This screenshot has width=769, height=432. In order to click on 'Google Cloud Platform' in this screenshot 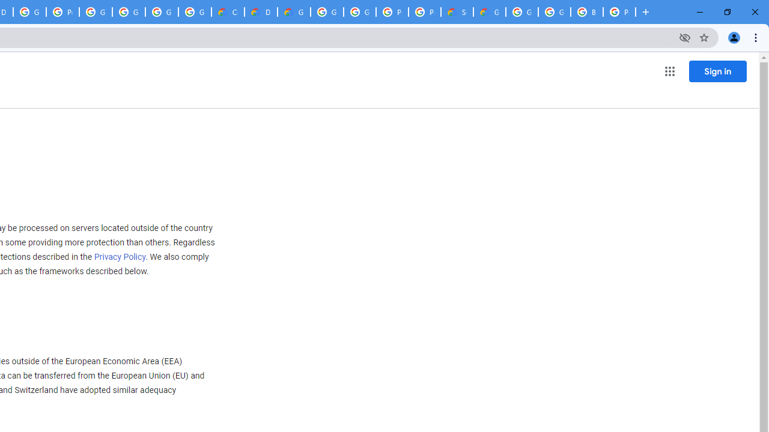, I will do `click(359, 12)`.